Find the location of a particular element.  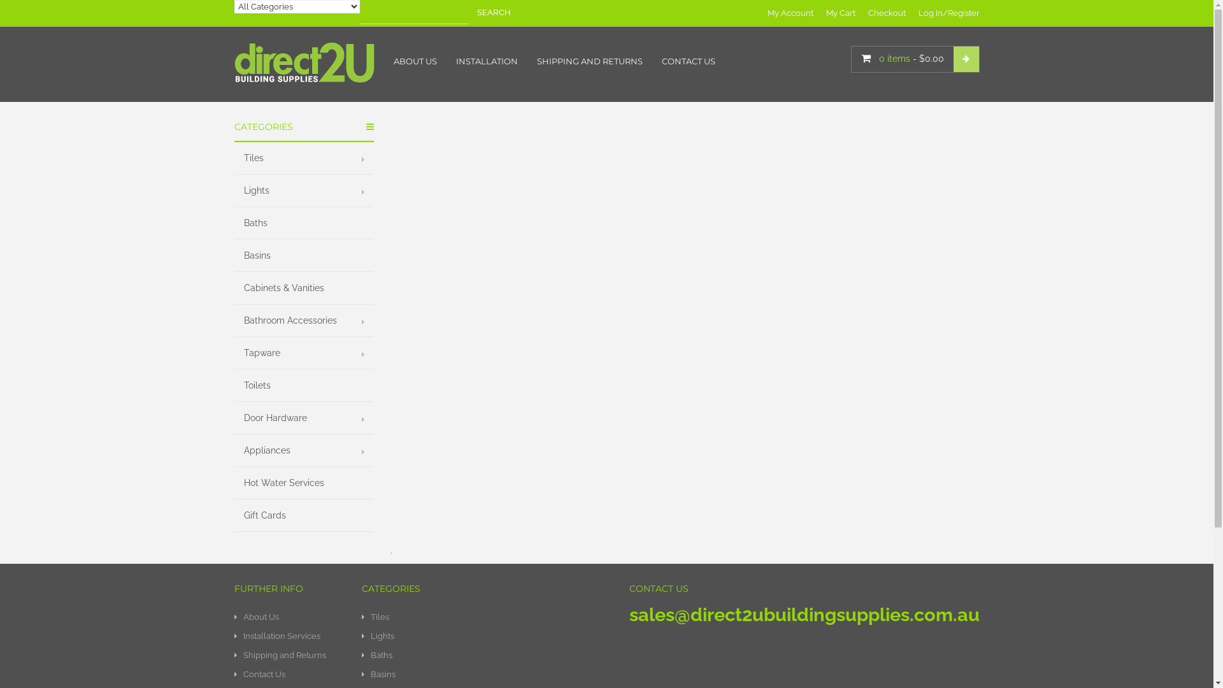

'Tiles' is located at coordinates (234, 157).